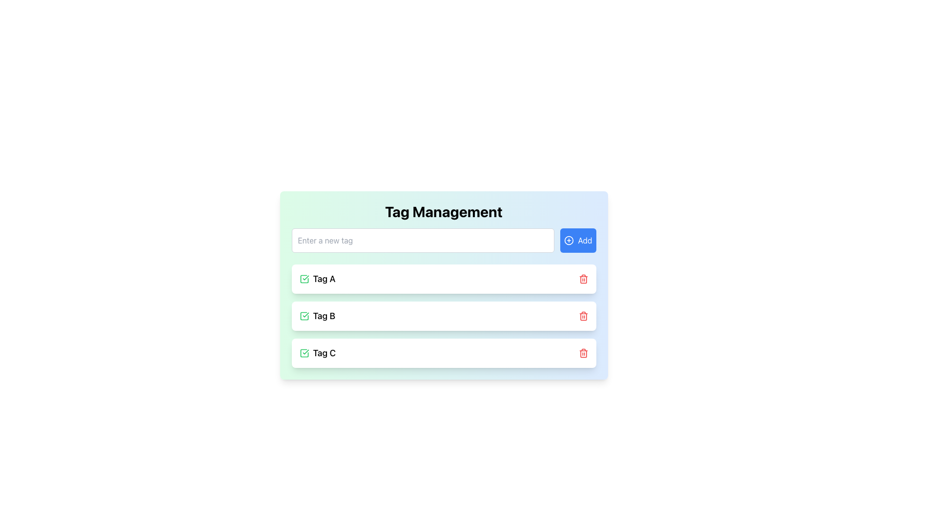 The width and height of the screenshot is (937, 527). Describe the element at coordinates (443, 316) in the screenshot. I see `the 'Tag B' section, which is the second element in a series of three, located below 'Tag A' and above 'Tag C'` at that location.